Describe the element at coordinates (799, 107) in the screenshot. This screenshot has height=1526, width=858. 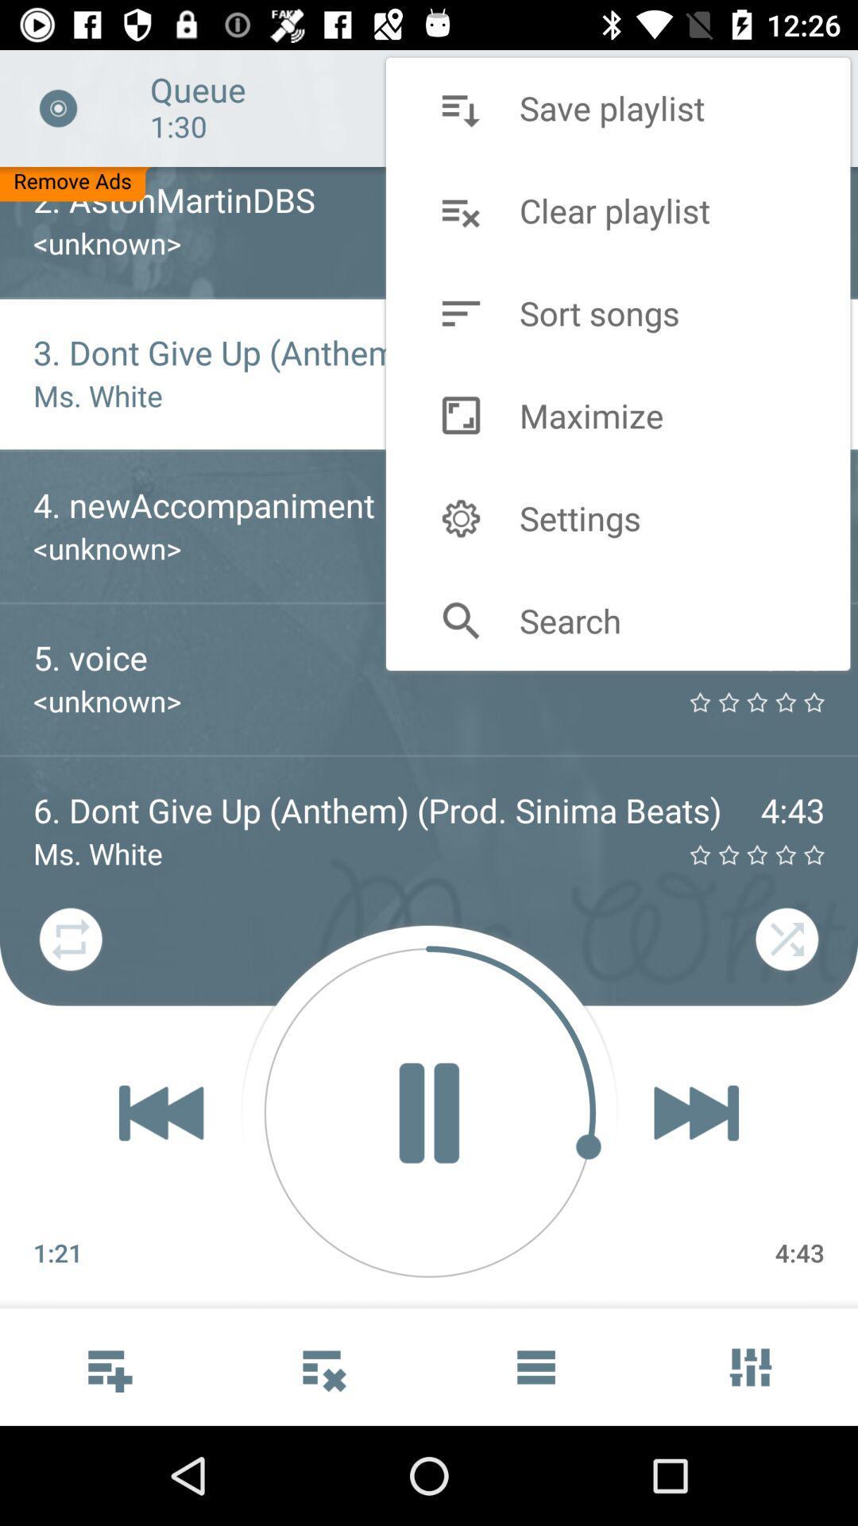
I see `the minus icon` at that location.